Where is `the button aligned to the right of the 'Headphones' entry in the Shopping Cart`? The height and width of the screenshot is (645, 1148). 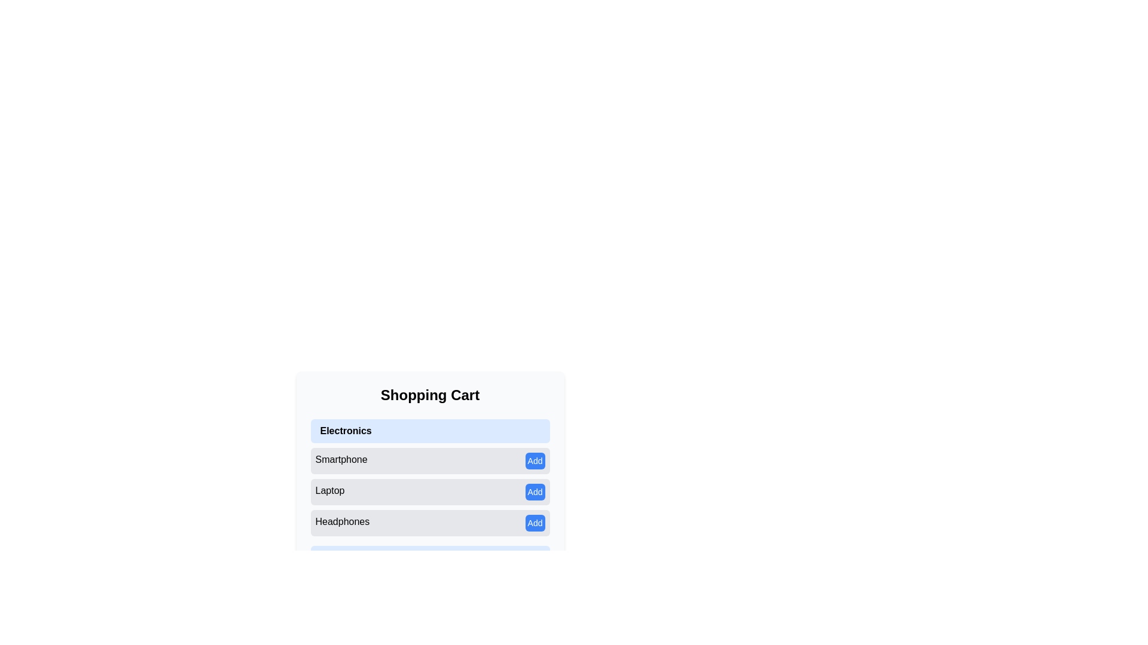
the button aligned to the right of the 'Headphones' entry in the Shopping Cart is located at coordinates (535, 522).